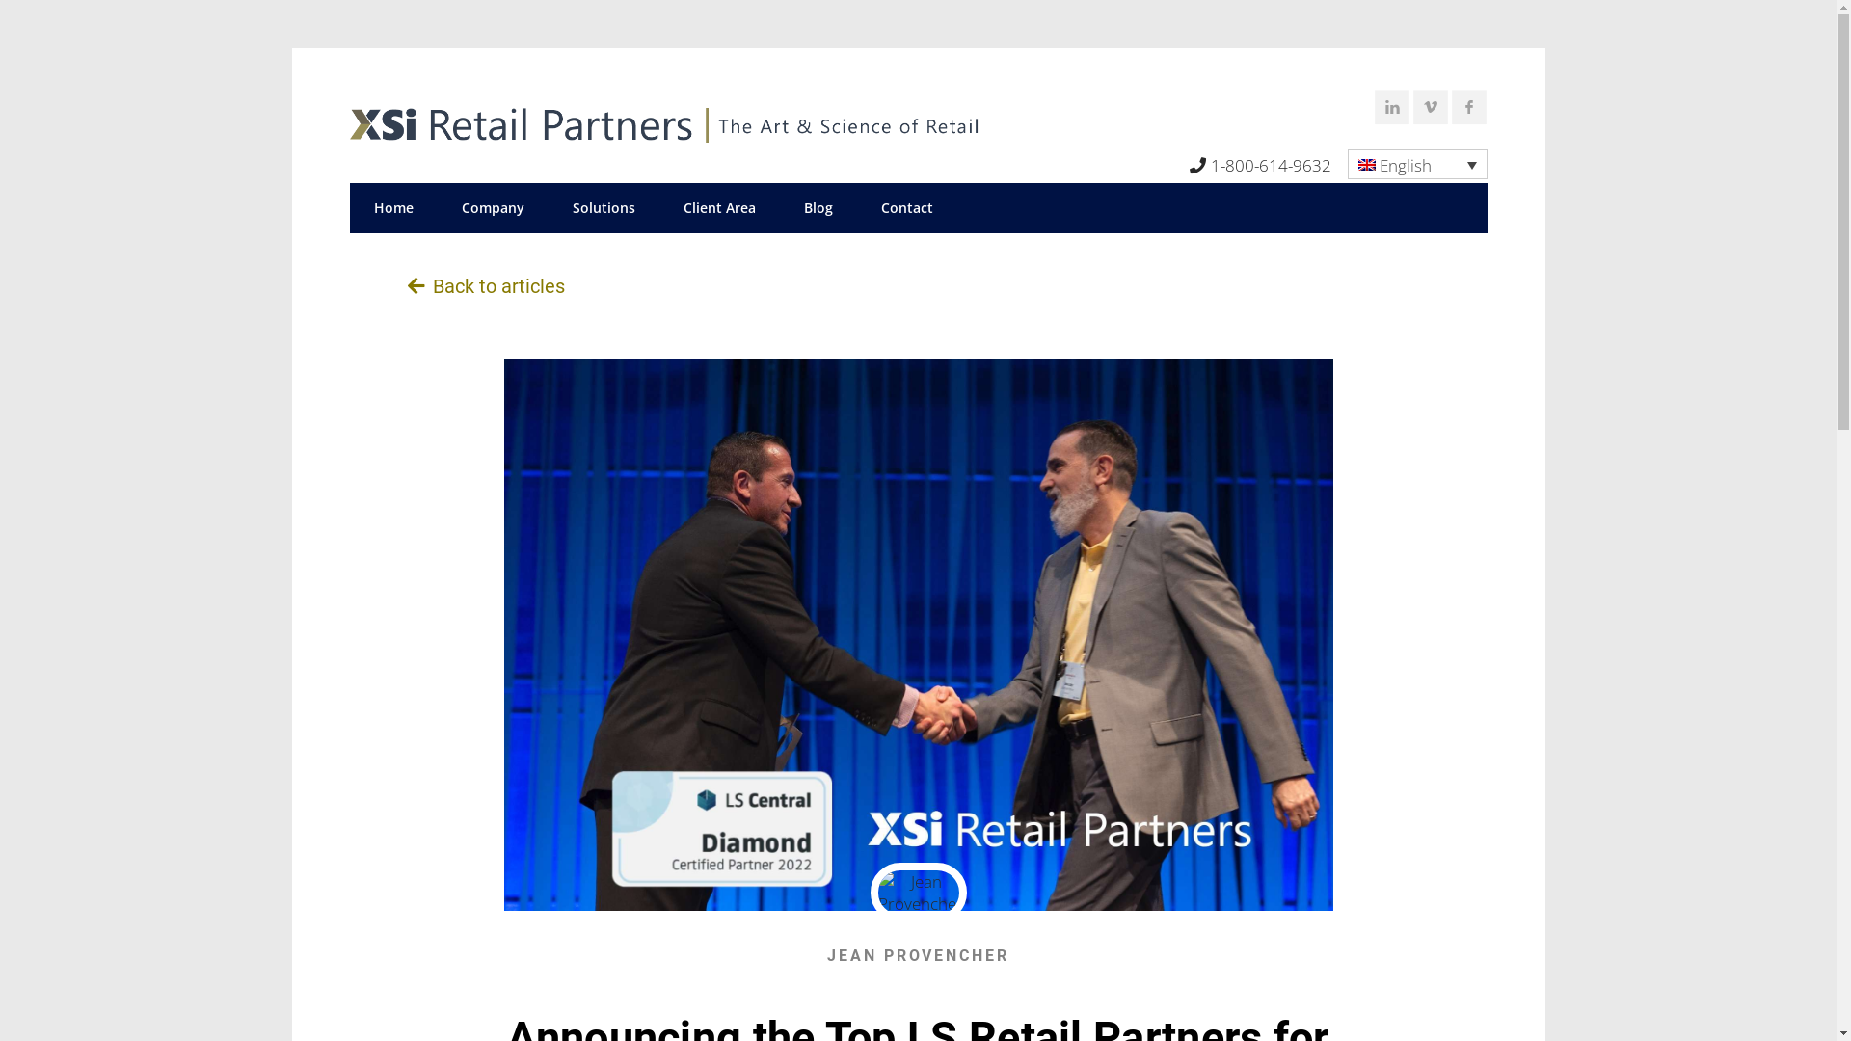 The image size is (1851, 1041). I want to click on 'Blog', so click(818, 208).